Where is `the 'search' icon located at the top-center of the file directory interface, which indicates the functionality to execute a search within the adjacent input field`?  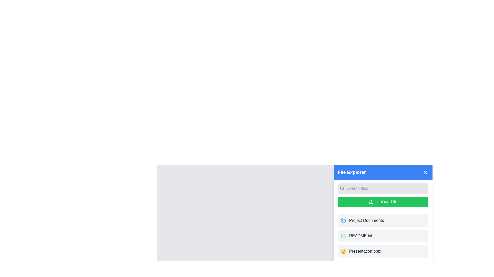 the 'search' icon located at the top-center of the file directory interface, which indicates the functionality to execute a search within the adjacent input field is located at coordinates (342, 189).